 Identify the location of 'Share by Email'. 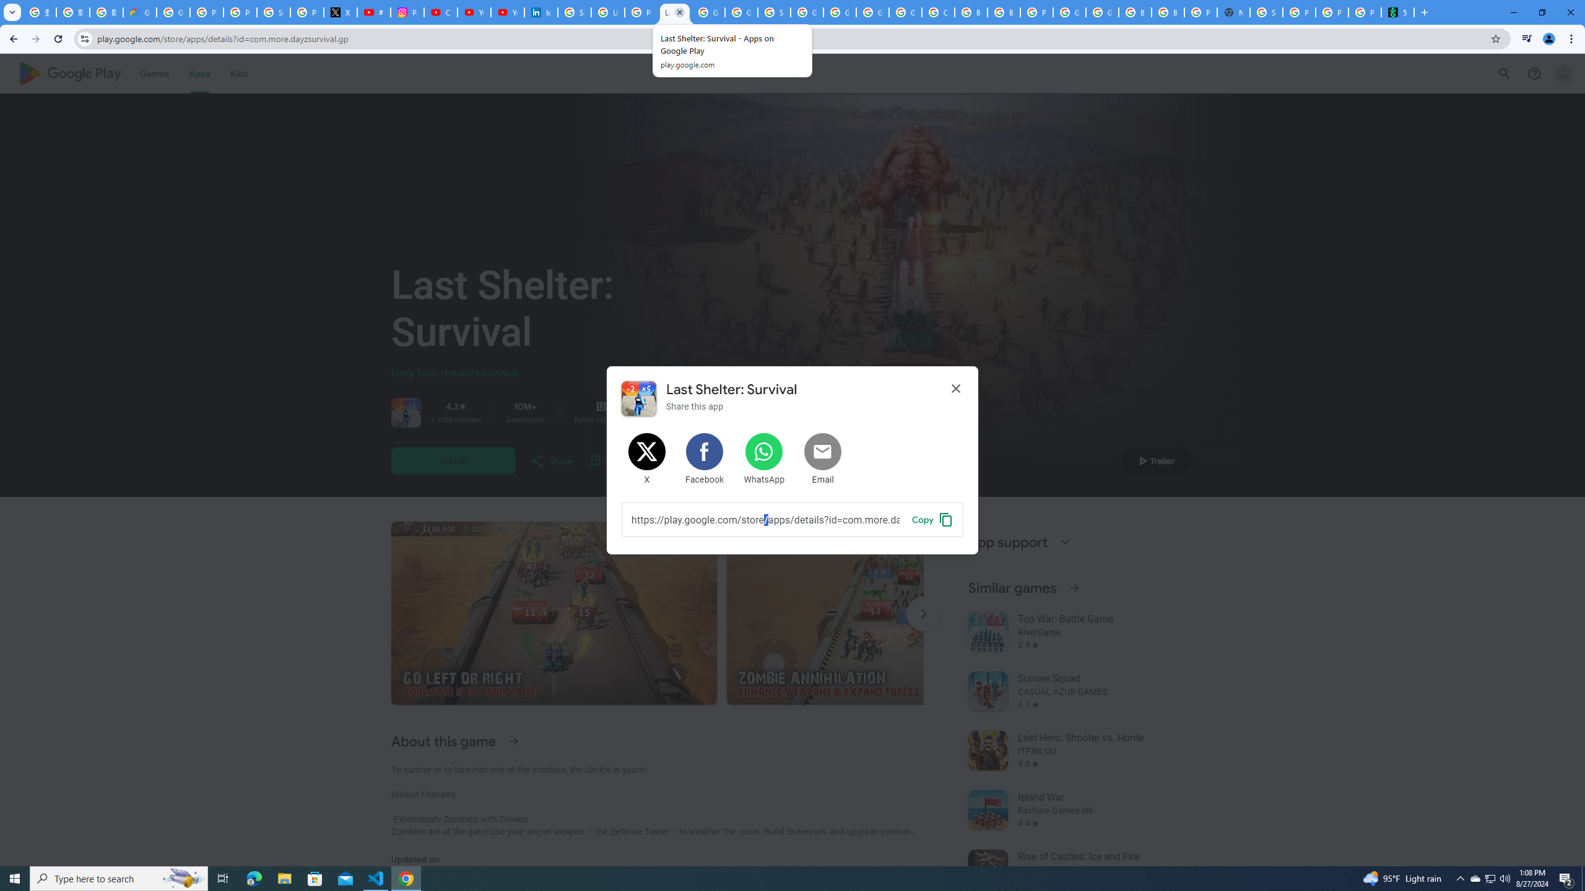
(822, 459).